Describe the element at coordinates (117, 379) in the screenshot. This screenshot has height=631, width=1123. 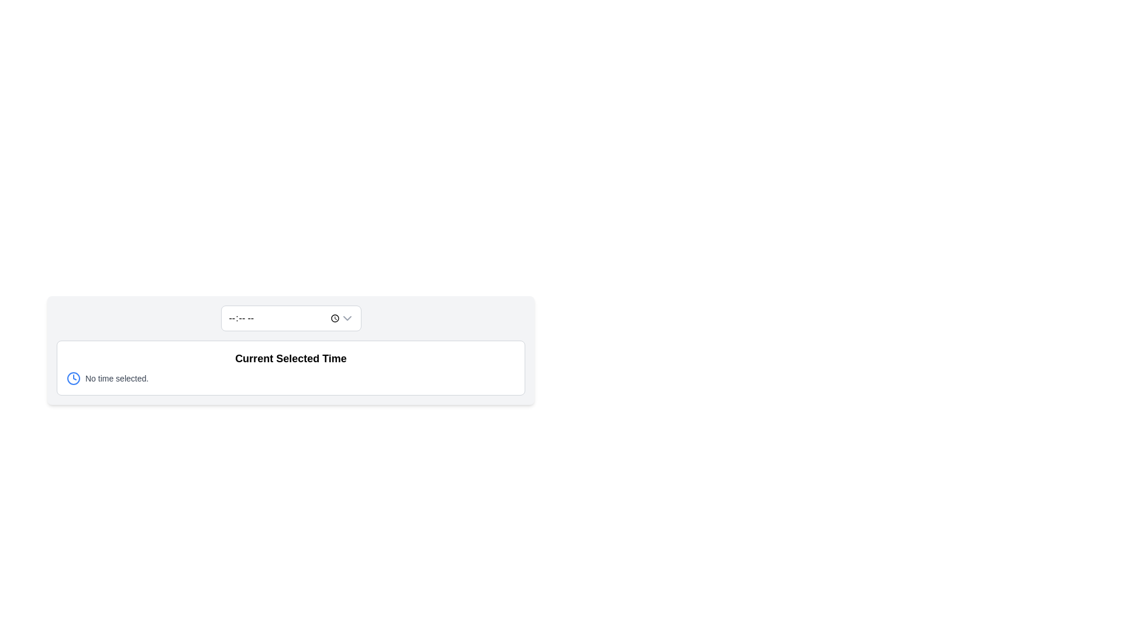
I see `the text component displaying 'No time selected.' which is styled in gray and located beside the clock icon in the 'Current Selected Time' section` at that location.